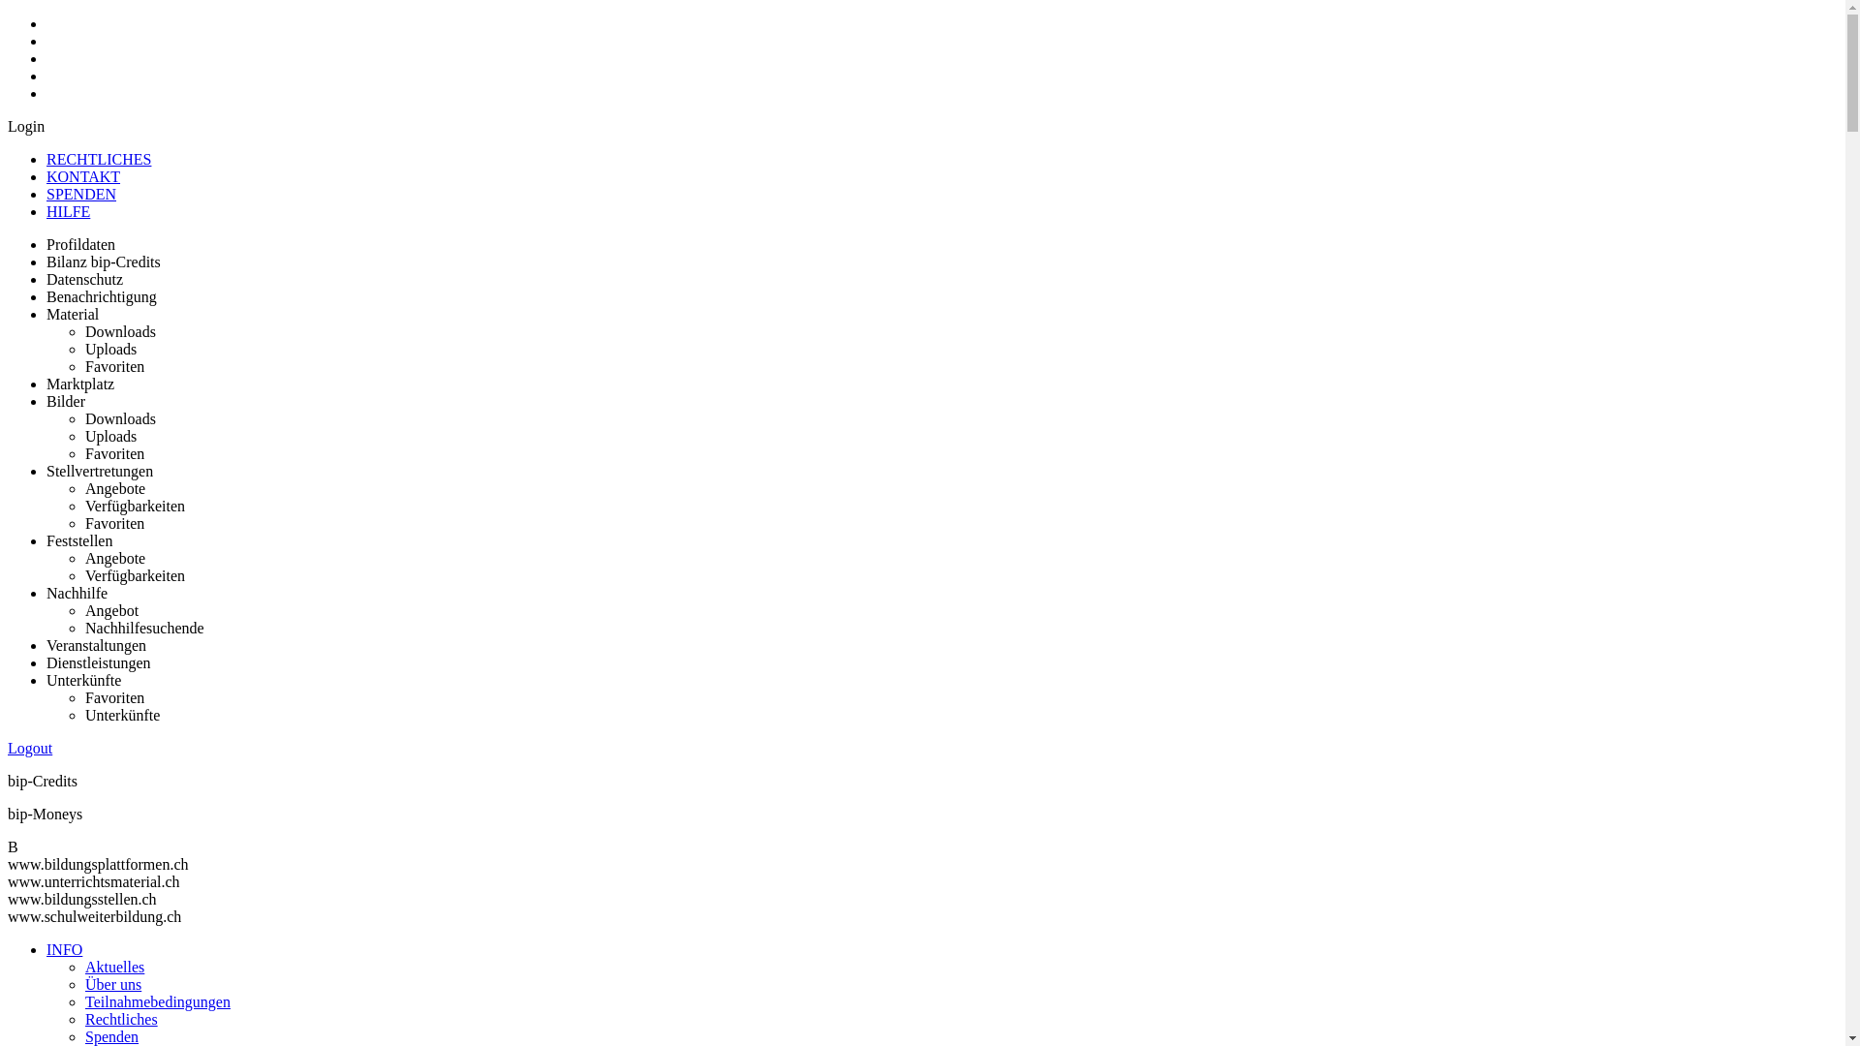  What do you see at coordinates (110, 1035) in the screenshot?
I see `'Spenden'` at bounding box center [110, 1035].